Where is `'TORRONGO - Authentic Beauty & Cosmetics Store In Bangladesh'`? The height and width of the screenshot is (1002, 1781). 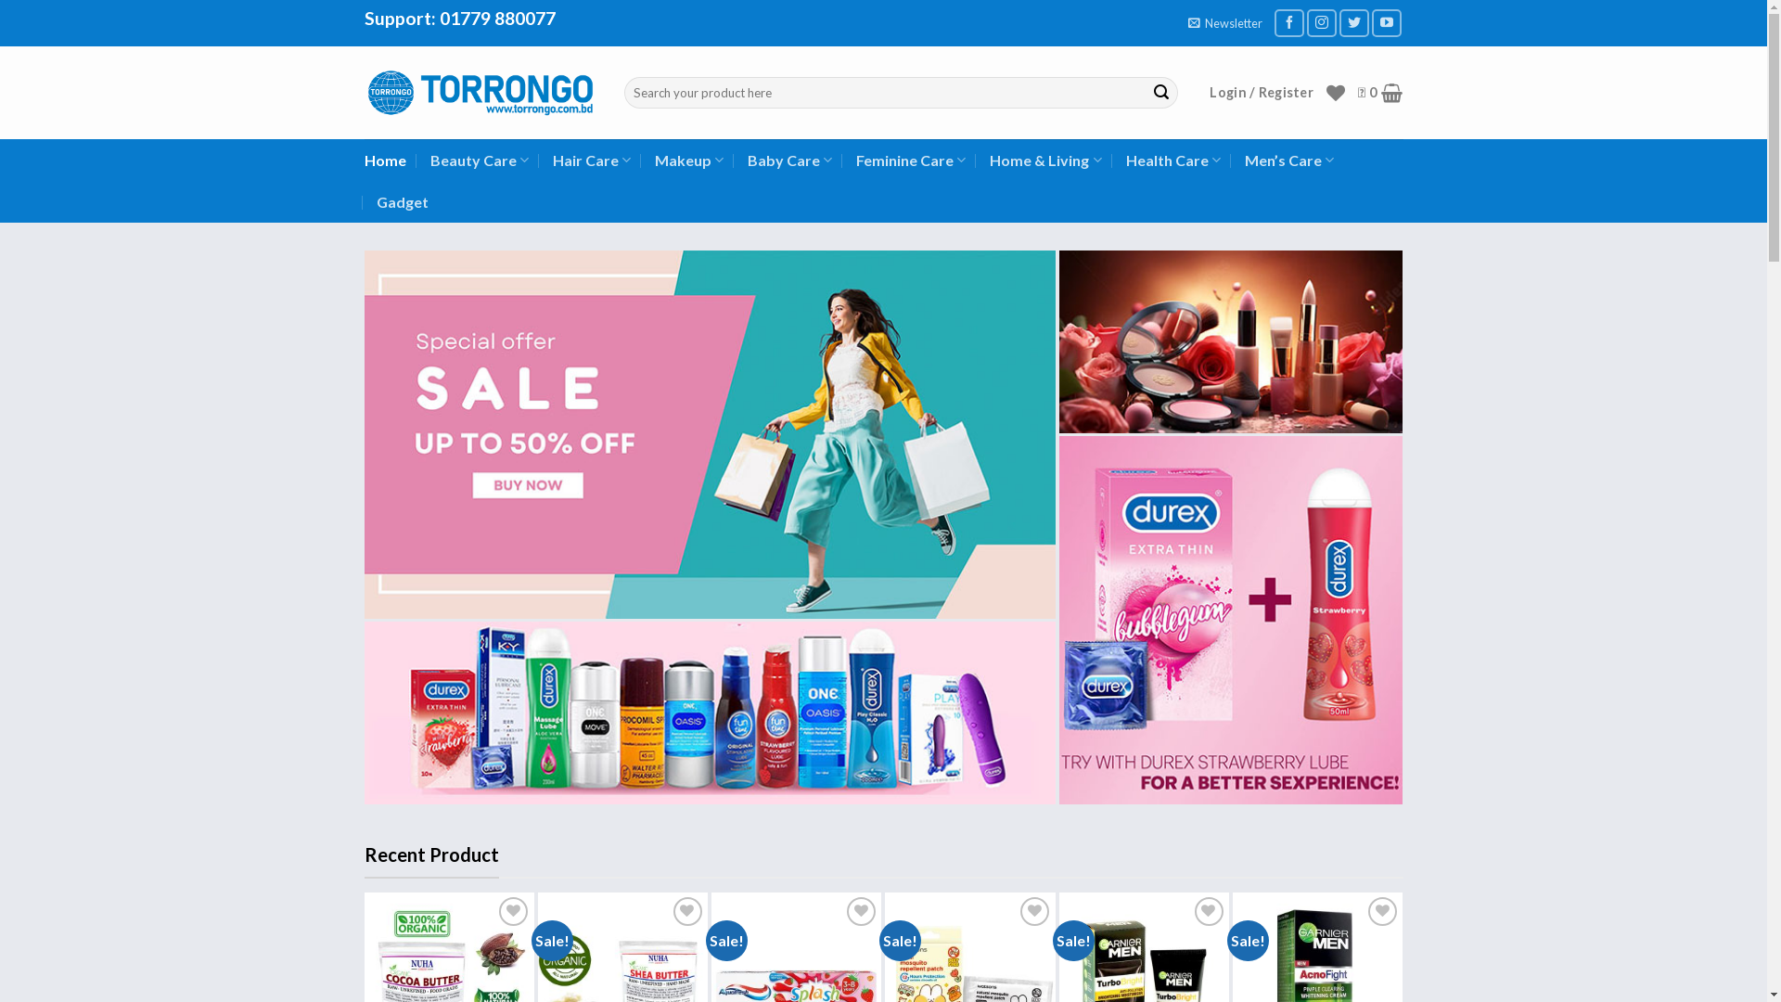 'TORRONGO - Authentic Beauty & Cosmetics Store In Bangladesh' is located at coordinates (480, 92).